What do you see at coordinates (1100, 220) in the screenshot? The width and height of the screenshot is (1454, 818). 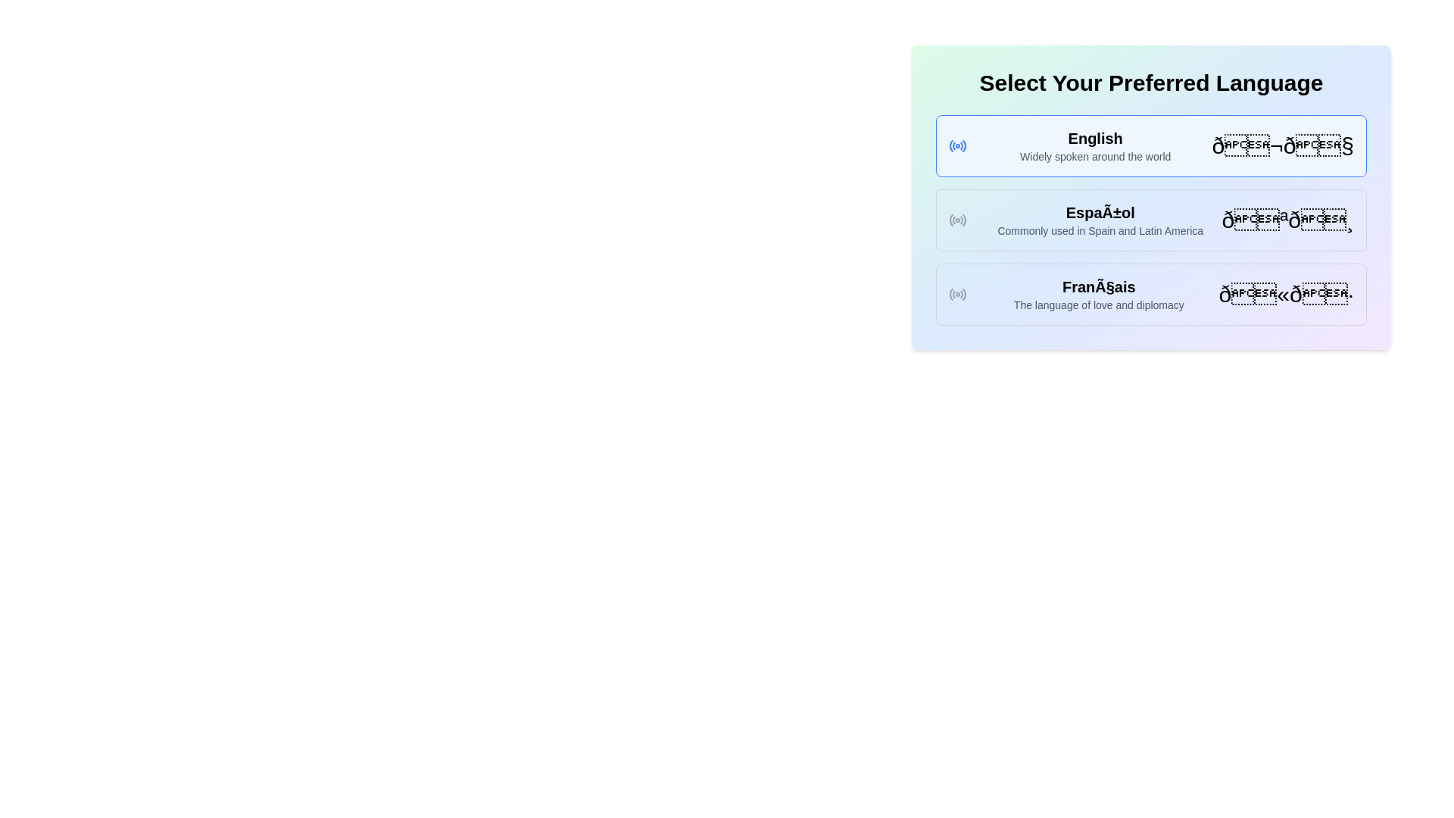 I see `the Spanish language option text block, which is located between the English and Français options in the list of language options` at bounding box center [1100, 220].